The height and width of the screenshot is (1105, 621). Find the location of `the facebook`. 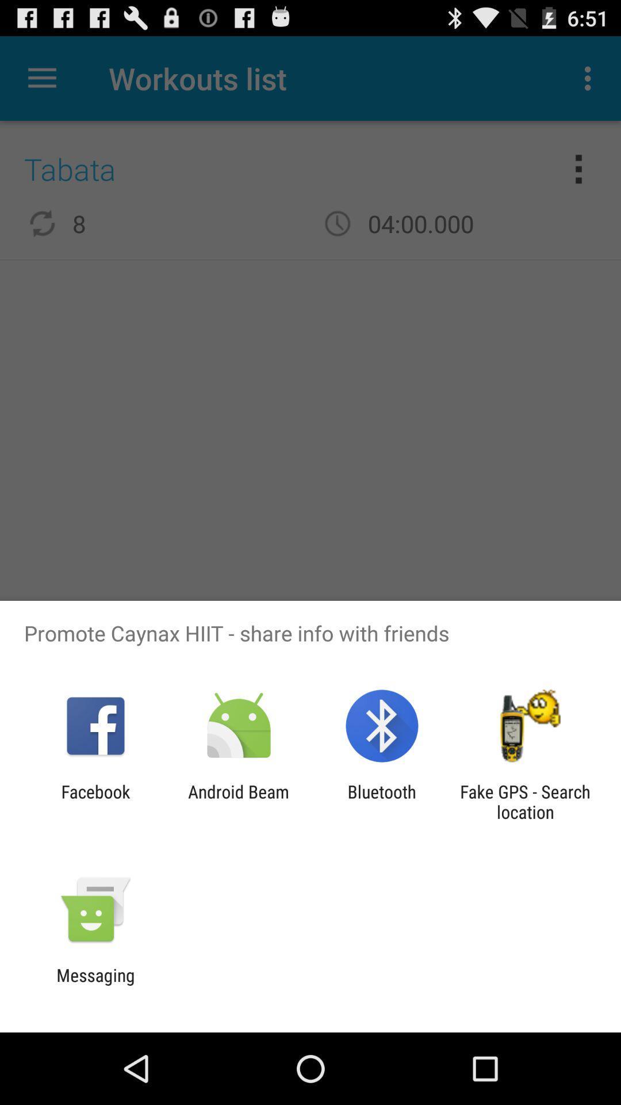

the facebook is located at coordinates (95, 801).